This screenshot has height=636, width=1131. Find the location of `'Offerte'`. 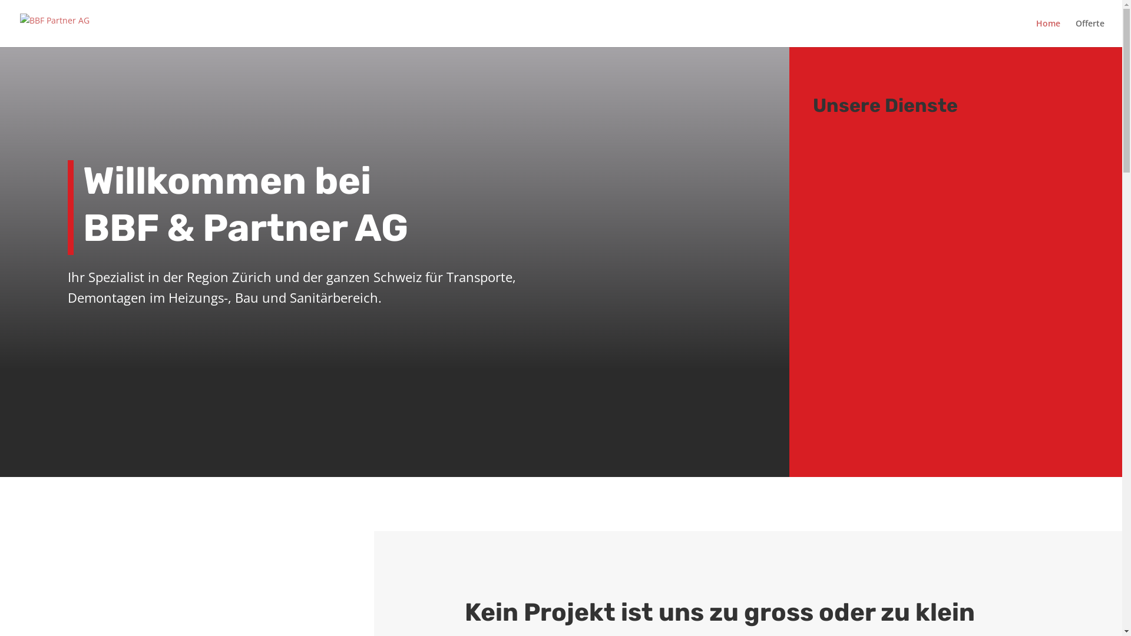

'Offerte' is located at coordinates (1089, 32).